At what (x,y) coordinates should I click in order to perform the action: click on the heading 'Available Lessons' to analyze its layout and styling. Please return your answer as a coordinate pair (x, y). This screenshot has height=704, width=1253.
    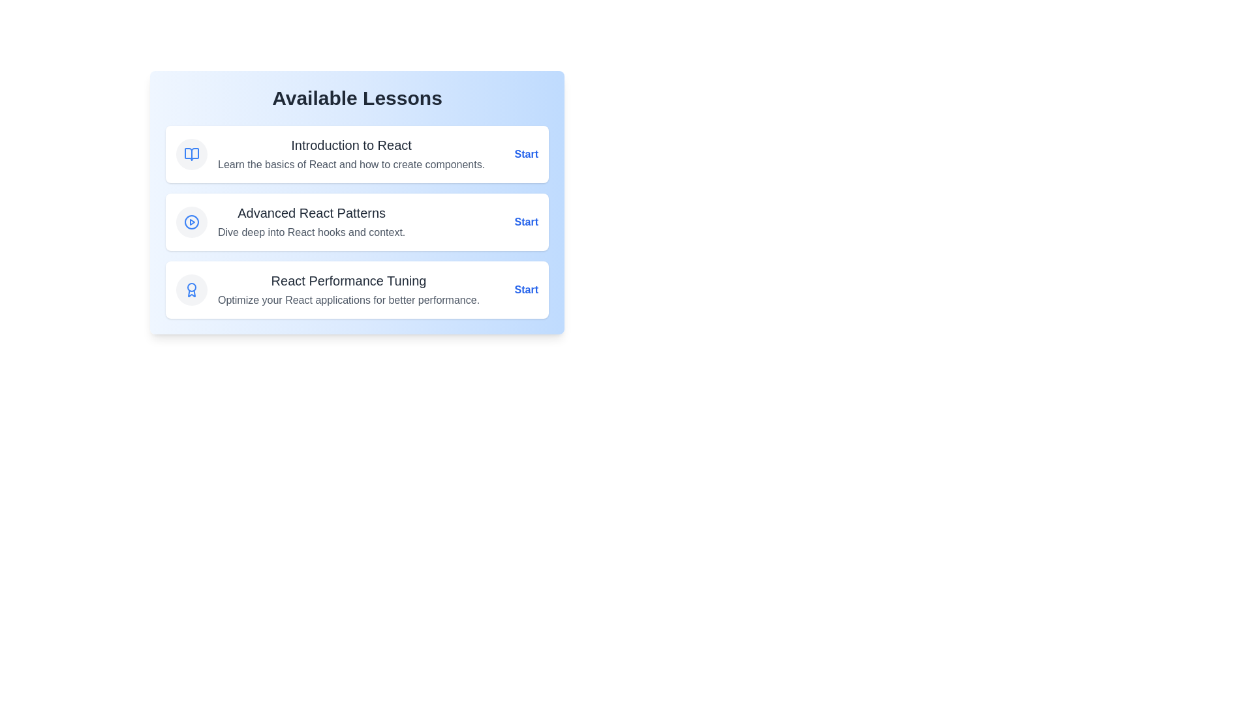
    Looking at the image, I should click on (357, 97).